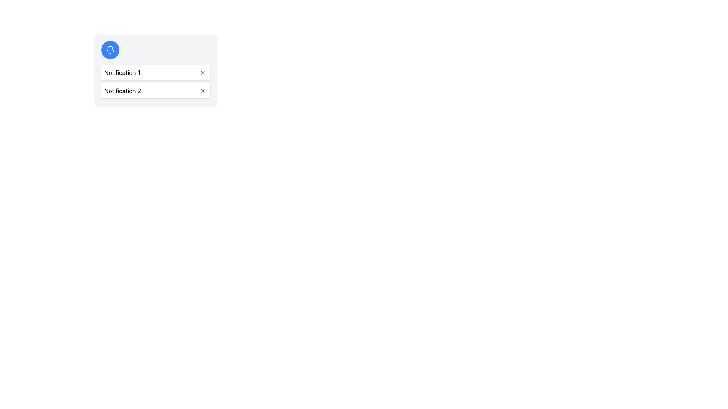 This screenshot has width=728, height=409. I want to click on the center of the Notification entry displaying 'Notification 2', so click(155, 90).